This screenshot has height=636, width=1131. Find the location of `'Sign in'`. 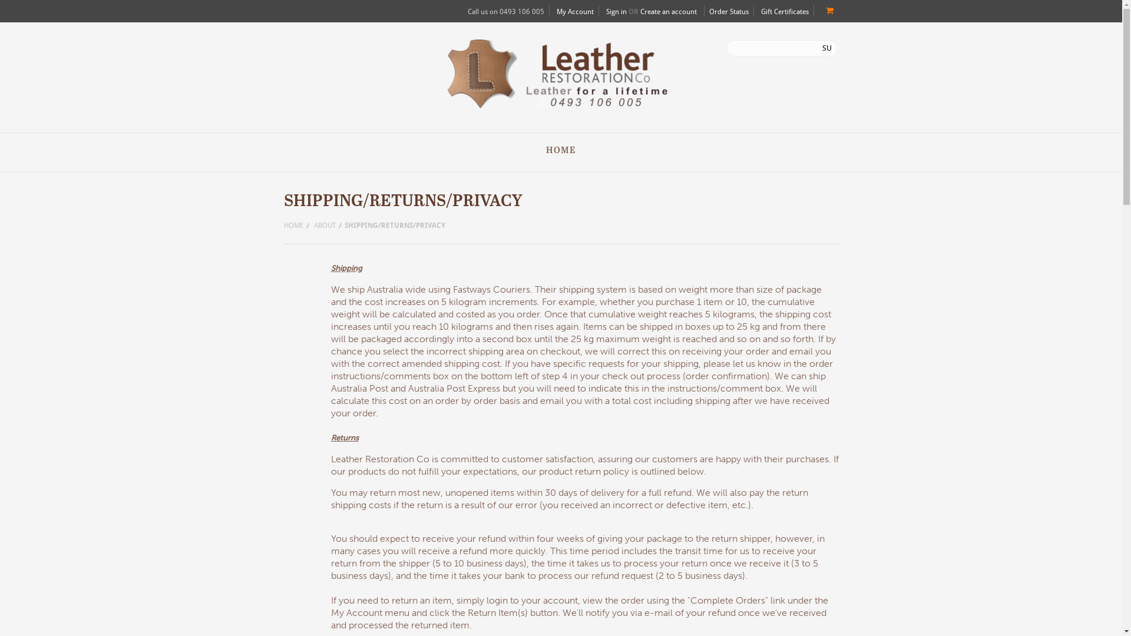

'Sign in' is located at coordinates (615, 11).